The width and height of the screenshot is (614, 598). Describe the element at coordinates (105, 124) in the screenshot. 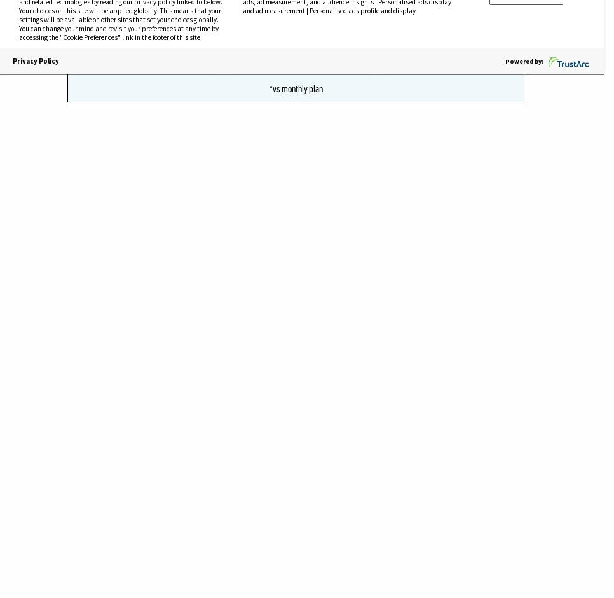

I see `'Health insurer'` at that location.